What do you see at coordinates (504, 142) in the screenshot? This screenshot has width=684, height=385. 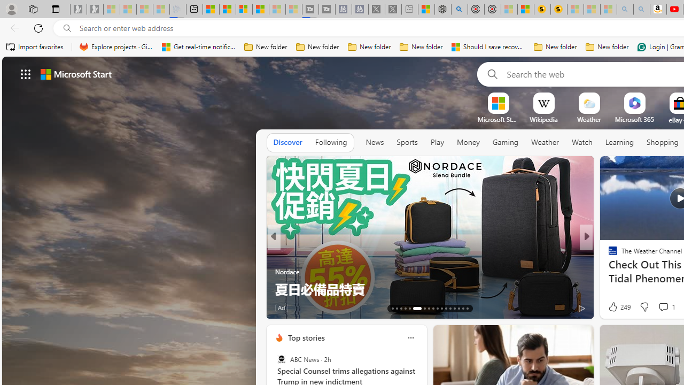 I see `'Gaming'` at bounding box center [504, 142].